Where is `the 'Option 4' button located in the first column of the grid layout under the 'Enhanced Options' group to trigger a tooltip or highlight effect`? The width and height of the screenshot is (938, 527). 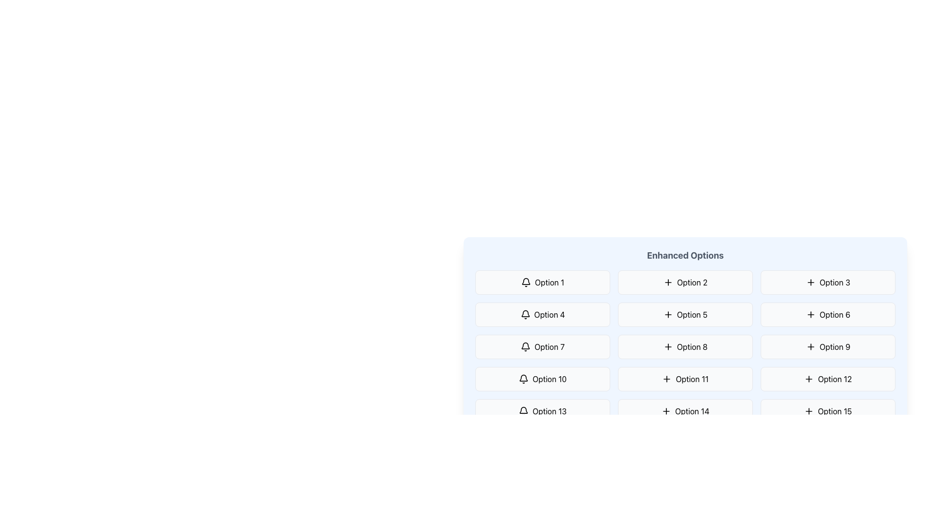 the 'Option 4' button located in the first column of the grid layout under the 'Enhanced Options' group to trigger a tooltip or highlight effect is located at coordinates (542, 314).